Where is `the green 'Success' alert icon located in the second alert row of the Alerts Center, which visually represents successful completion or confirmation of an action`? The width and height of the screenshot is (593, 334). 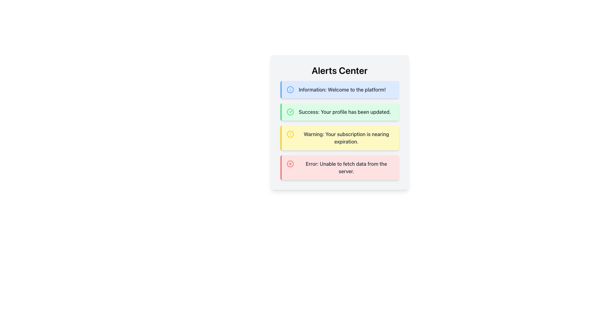
the green 'Success' alert icon located in the second alert row of the Alerts Center, which visually represents successful completion or confirmation of an action is located at coordinates (290, 112).